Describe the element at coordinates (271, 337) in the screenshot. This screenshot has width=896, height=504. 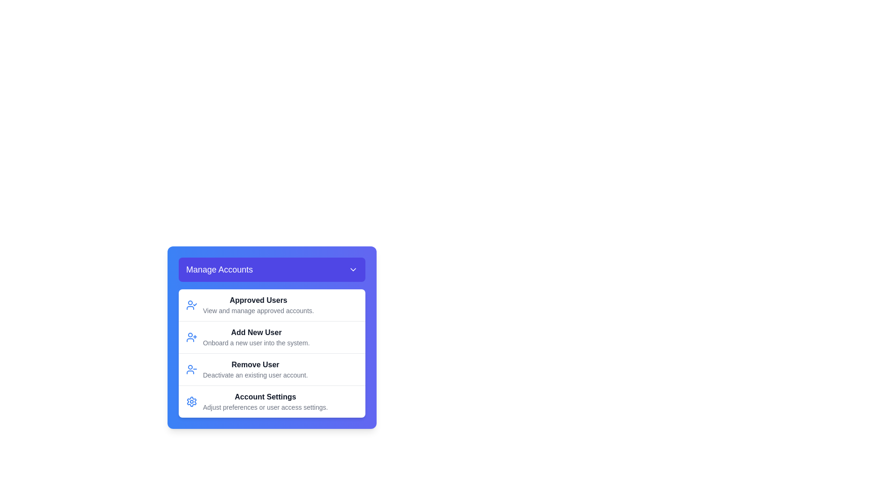
I see `the clickable menu option with a gradient blue background and descriptive text` at that location.